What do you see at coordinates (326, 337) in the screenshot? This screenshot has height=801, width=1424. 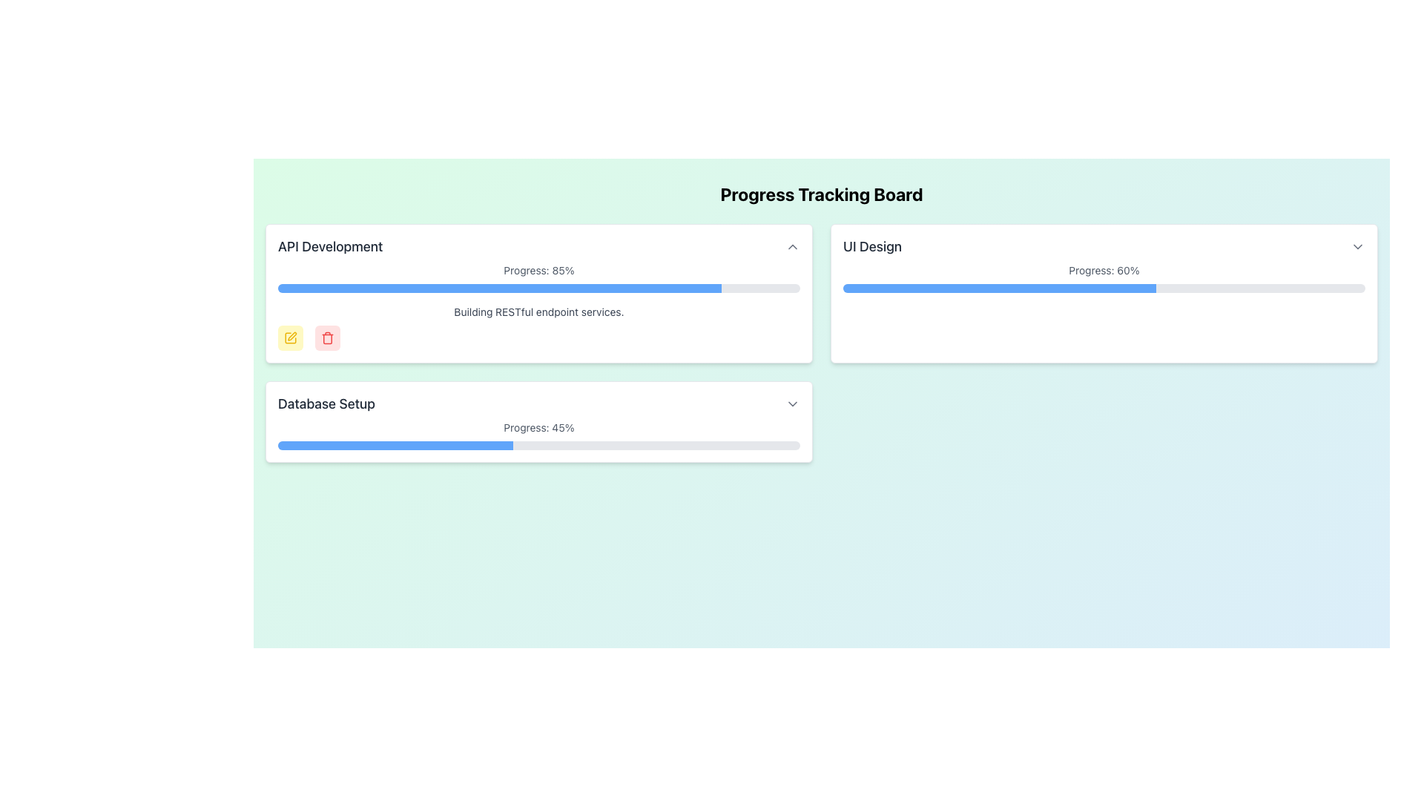 I see `the trash icon, which is a red outlined trash can button located within the 'API Development' card` at bounding box center [326, 337].